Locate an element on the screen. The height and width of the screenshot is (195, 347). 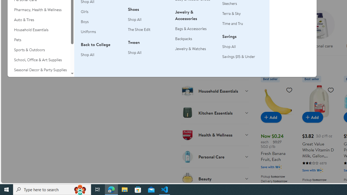
'Uniforms' is located at coordinates (101, 32).